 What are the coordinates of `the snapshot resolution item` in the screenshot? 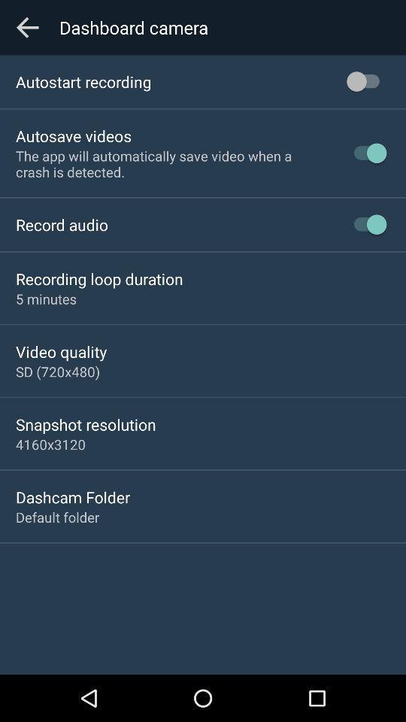 It's located at (86, 424).